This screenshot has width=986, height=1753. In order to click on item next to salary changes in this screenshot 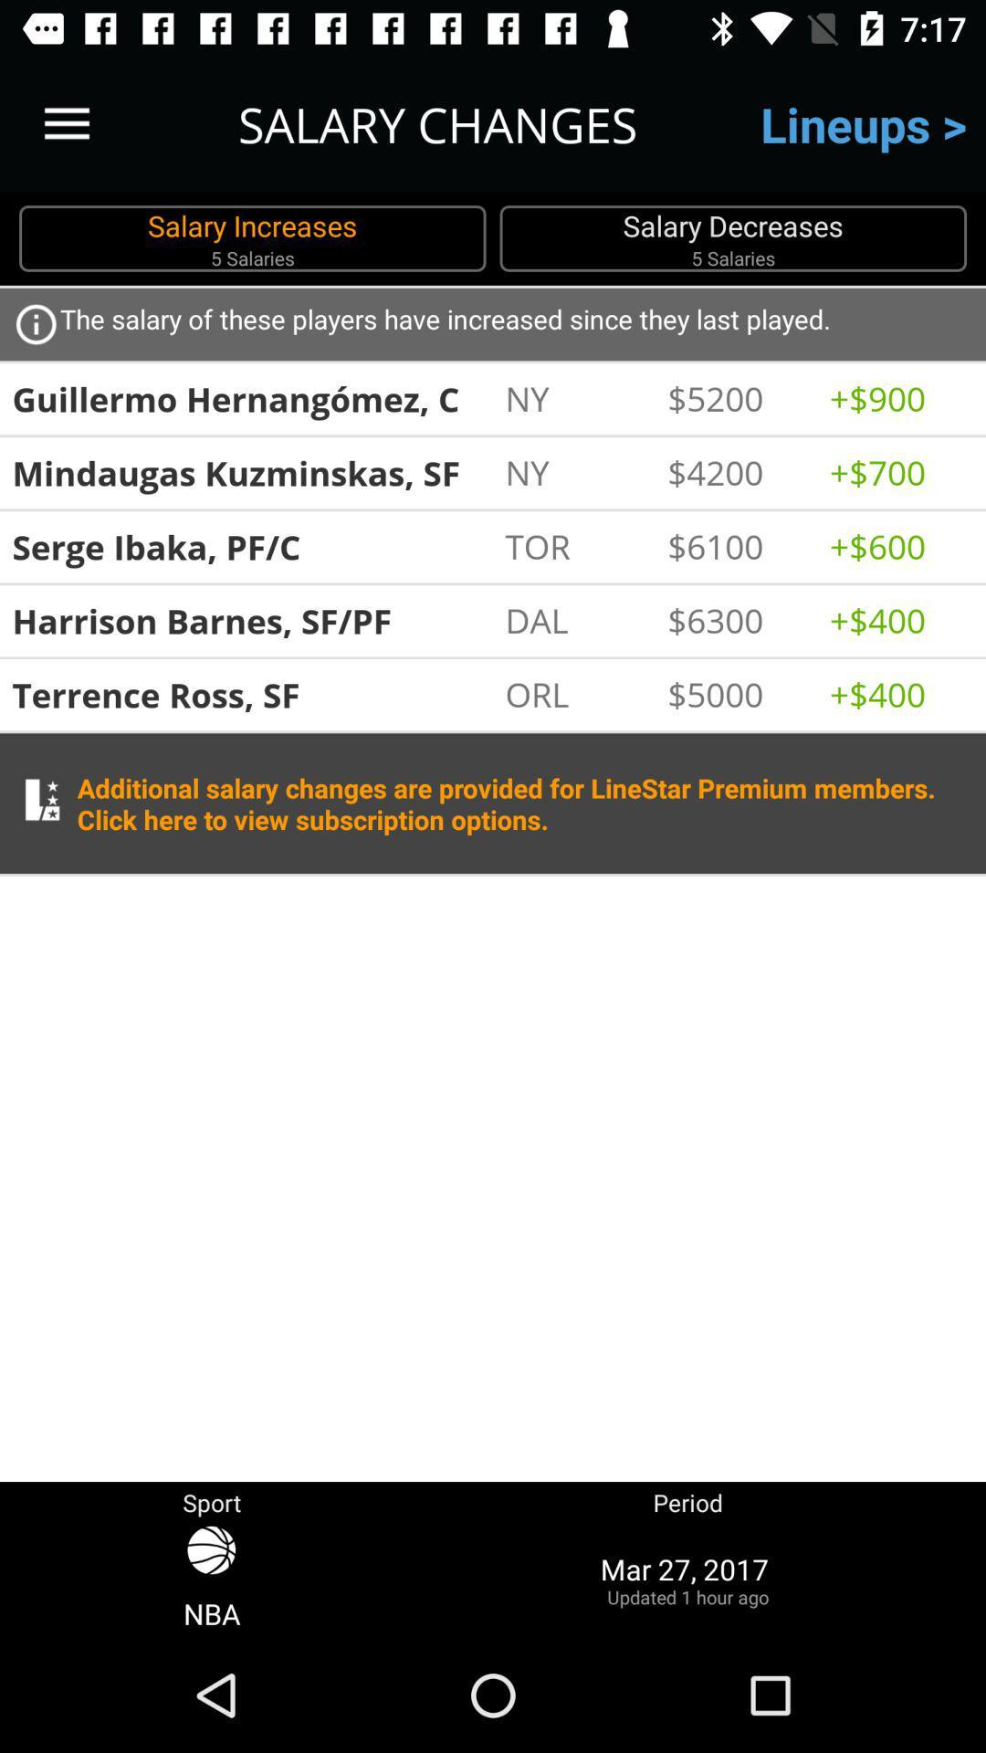, I will do `click(66, 123)`.